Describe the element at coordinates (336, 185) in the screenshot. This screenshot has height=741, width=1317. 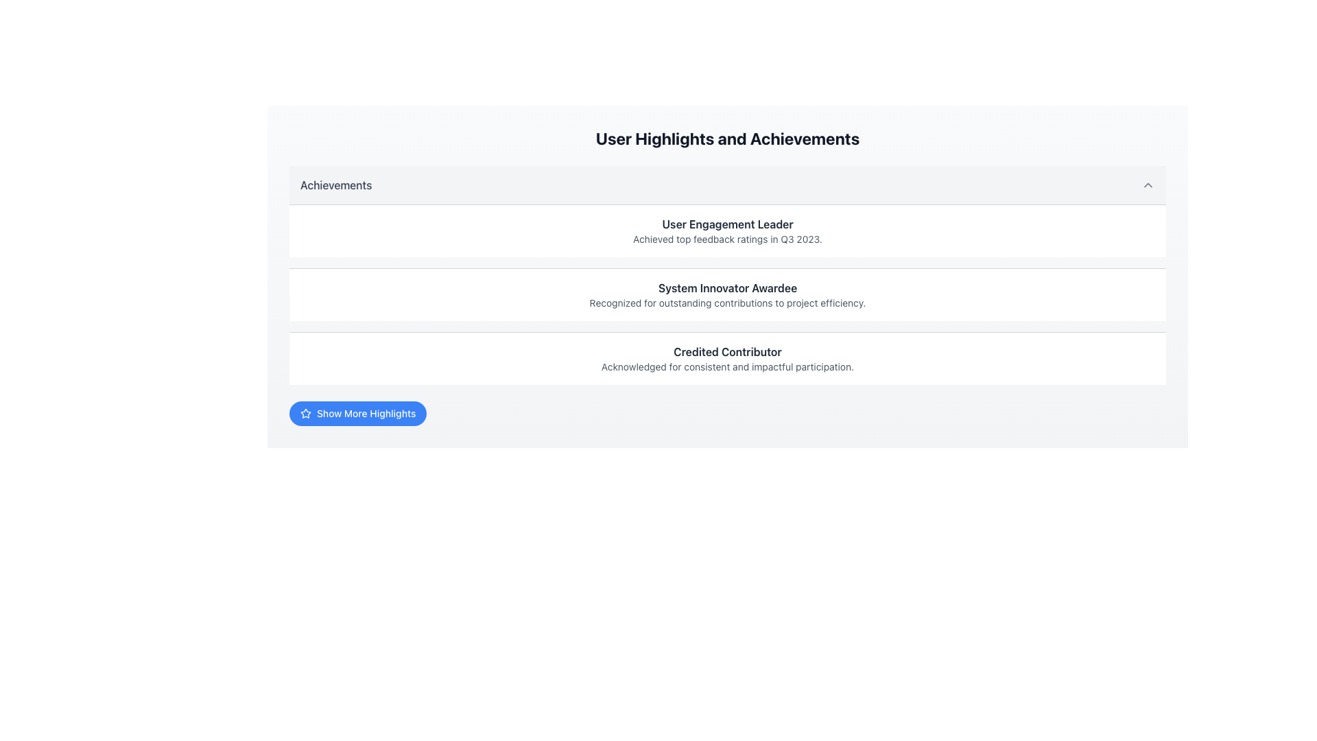
I see `the 'Achievements' text label, which is a medium gray textual component located at the top-left side of a section header bar` at that location.